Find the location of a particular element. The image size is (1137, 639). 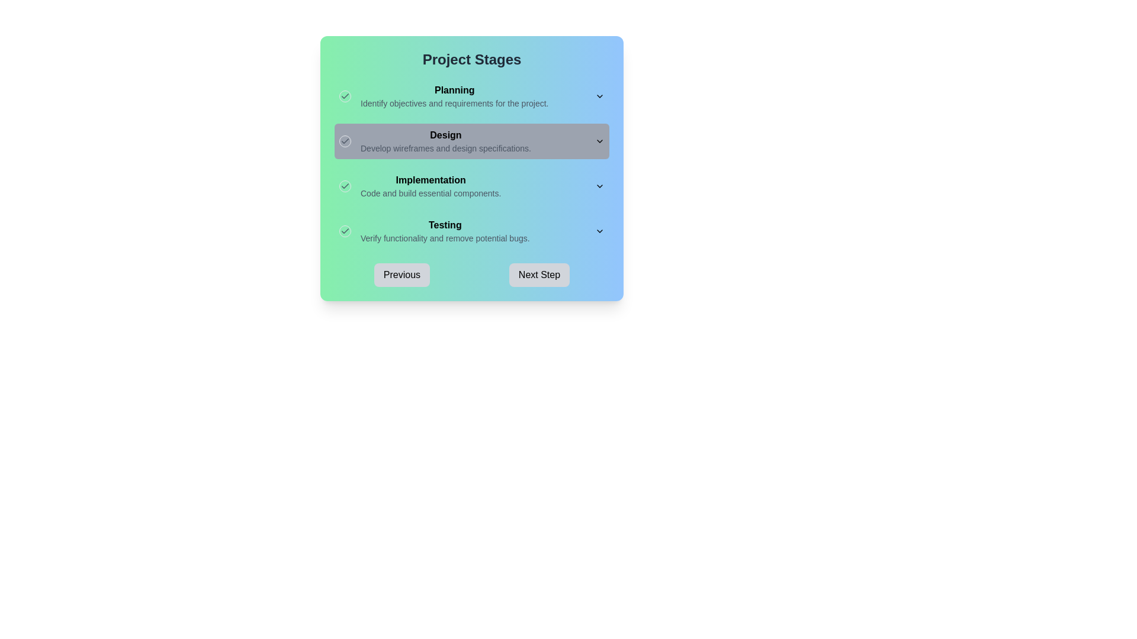

descriptive label for the 'Testing' phase, which includes the title 'Testing' and the description 'Verify functionality and remove potential bugs.' is located at coordinates (444, 231).